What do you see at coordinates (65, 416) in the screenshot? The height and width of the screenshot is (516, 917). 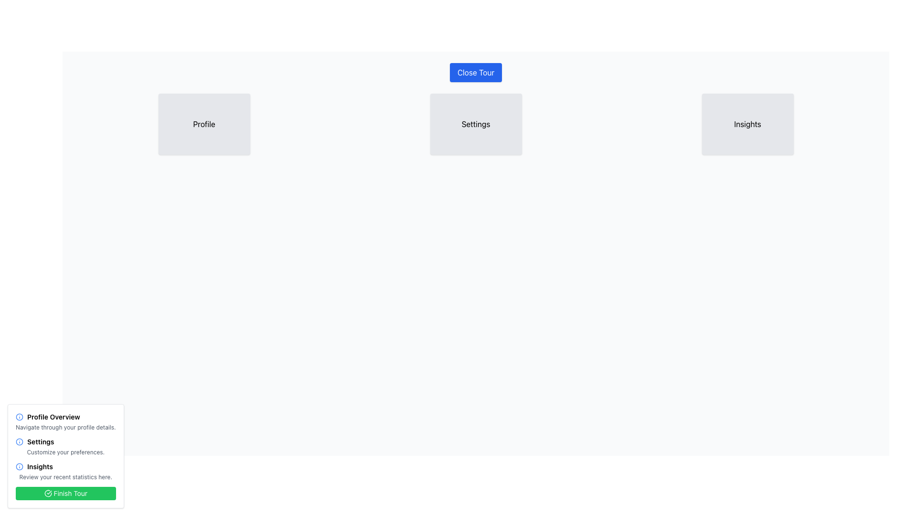 I see `the blue circular icon with an 'i' symbol and bolded text 'Profile Overview' located in the left-bottom corner of the interface` at bounding box center [65, 416].